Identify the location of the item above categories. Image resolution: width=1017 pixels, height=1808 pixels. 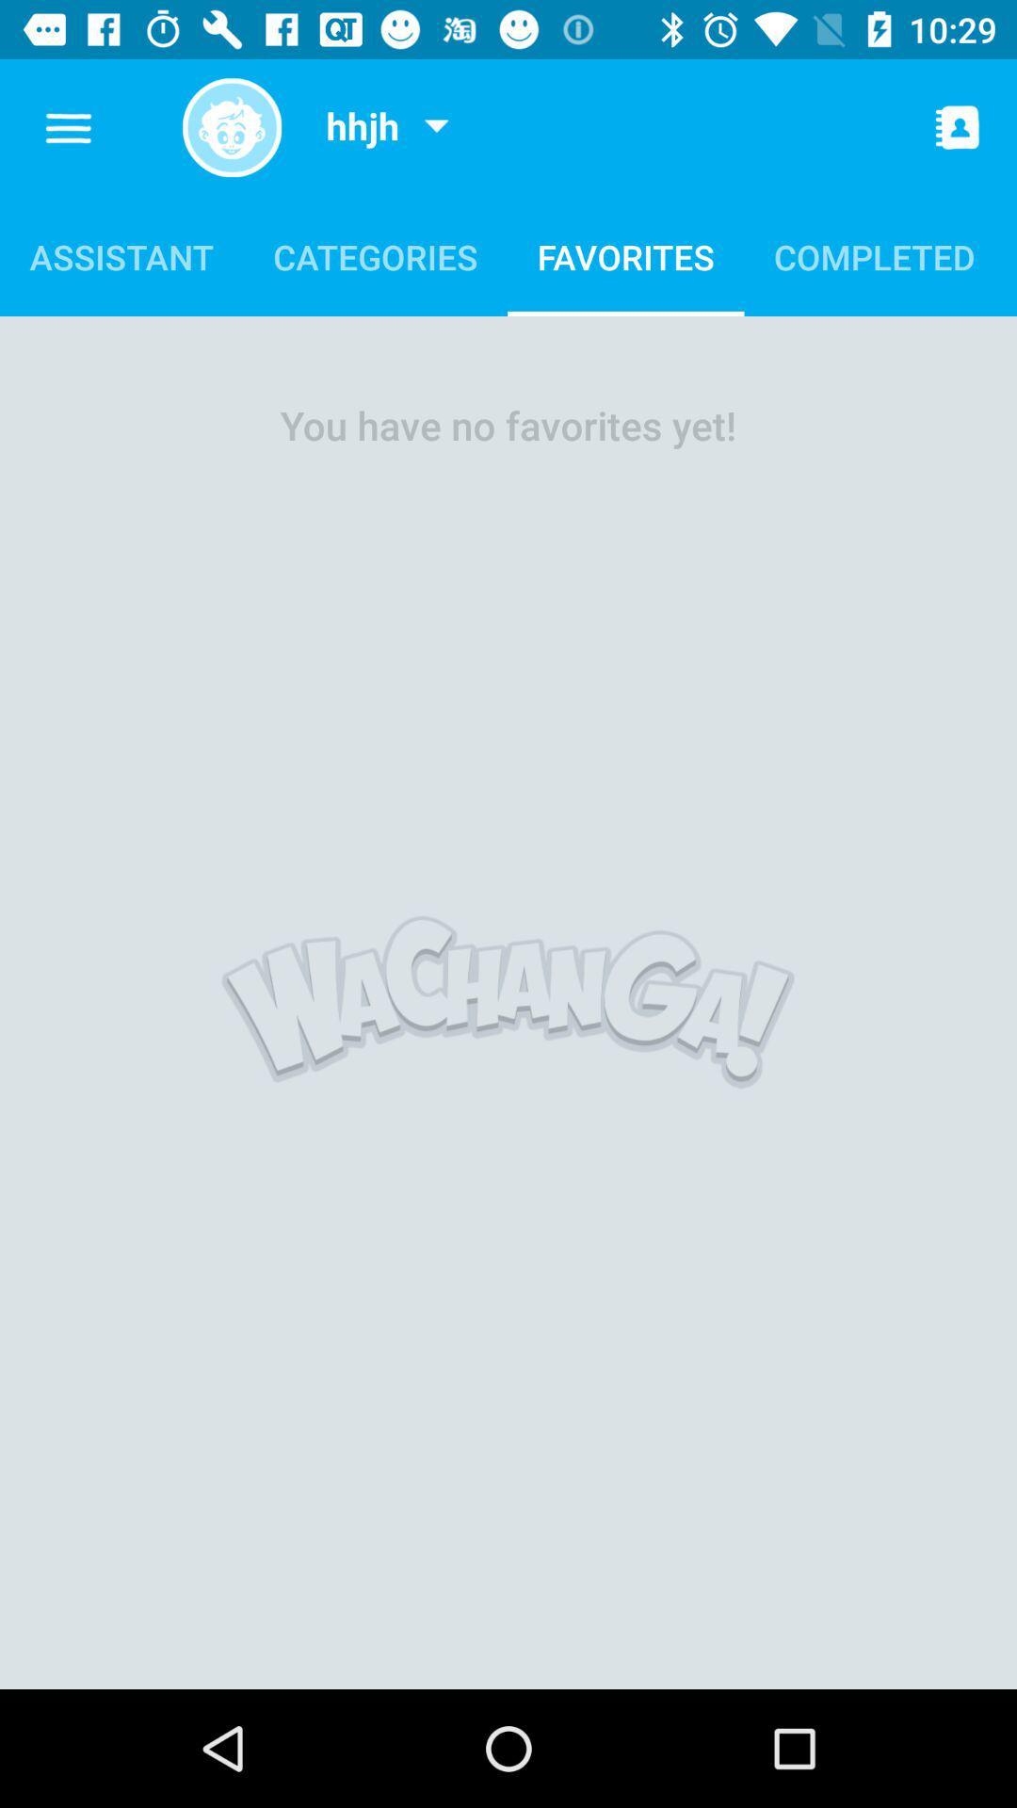
(436, 127).